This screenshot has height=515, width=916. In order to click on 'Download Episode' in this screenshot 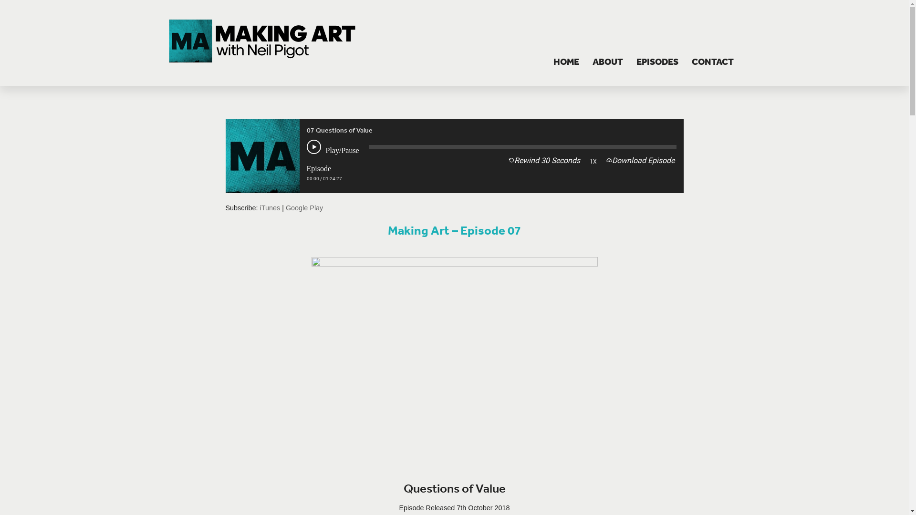, I will do `click(605, 161)`.